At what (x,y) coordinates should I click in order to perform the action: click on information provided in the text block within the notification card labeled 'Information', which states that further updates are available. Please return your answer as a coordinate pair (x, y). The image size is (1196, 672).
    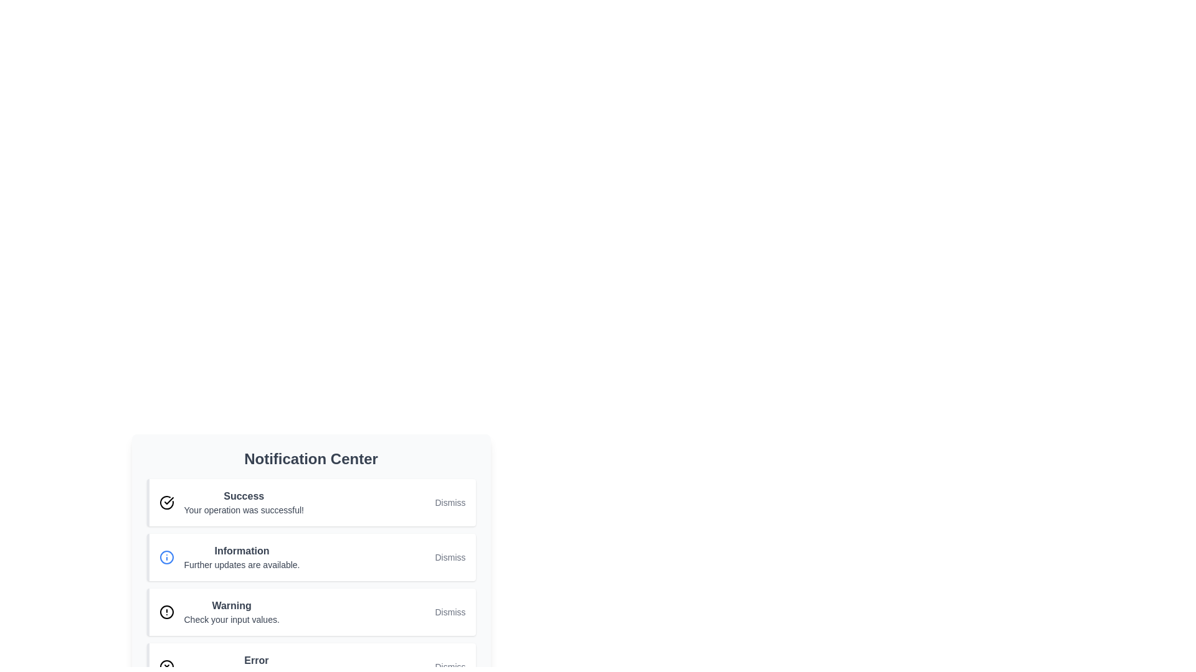
    Looking at the image, I should click on (242, 556).